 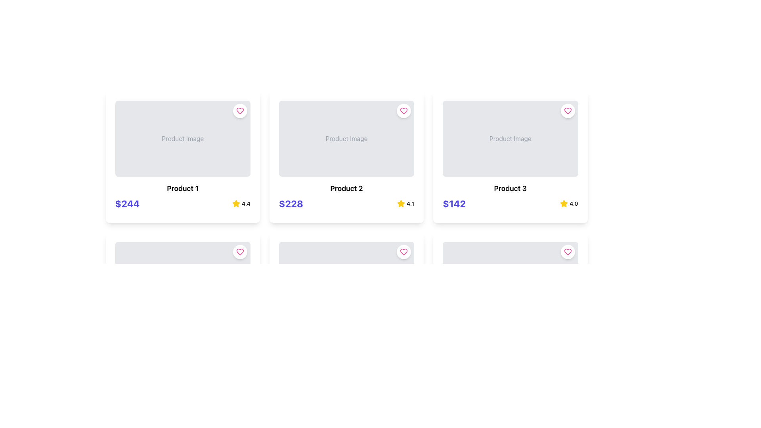 What do you see at coordinates (567, 111) in the screenshot?
I see `the circular button with a white background and pink heart icon located at the top-right corner of the 'Product 3' card` at bounding box center [567, 111].